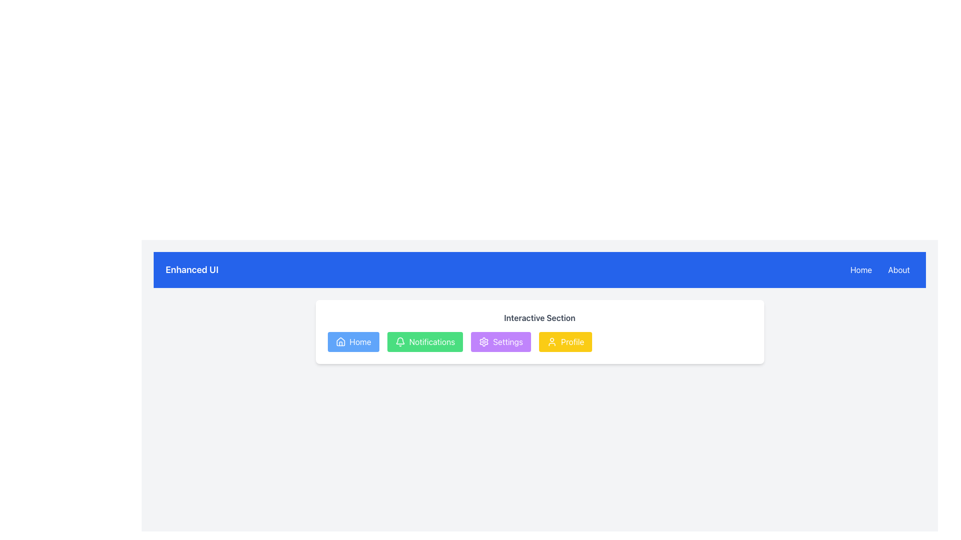 This screenshot has height=540, width=961. What do you see at coordinates (353, 341) in the screenshot?
I see `the 'Home' button` at bounding box center [353, 341].